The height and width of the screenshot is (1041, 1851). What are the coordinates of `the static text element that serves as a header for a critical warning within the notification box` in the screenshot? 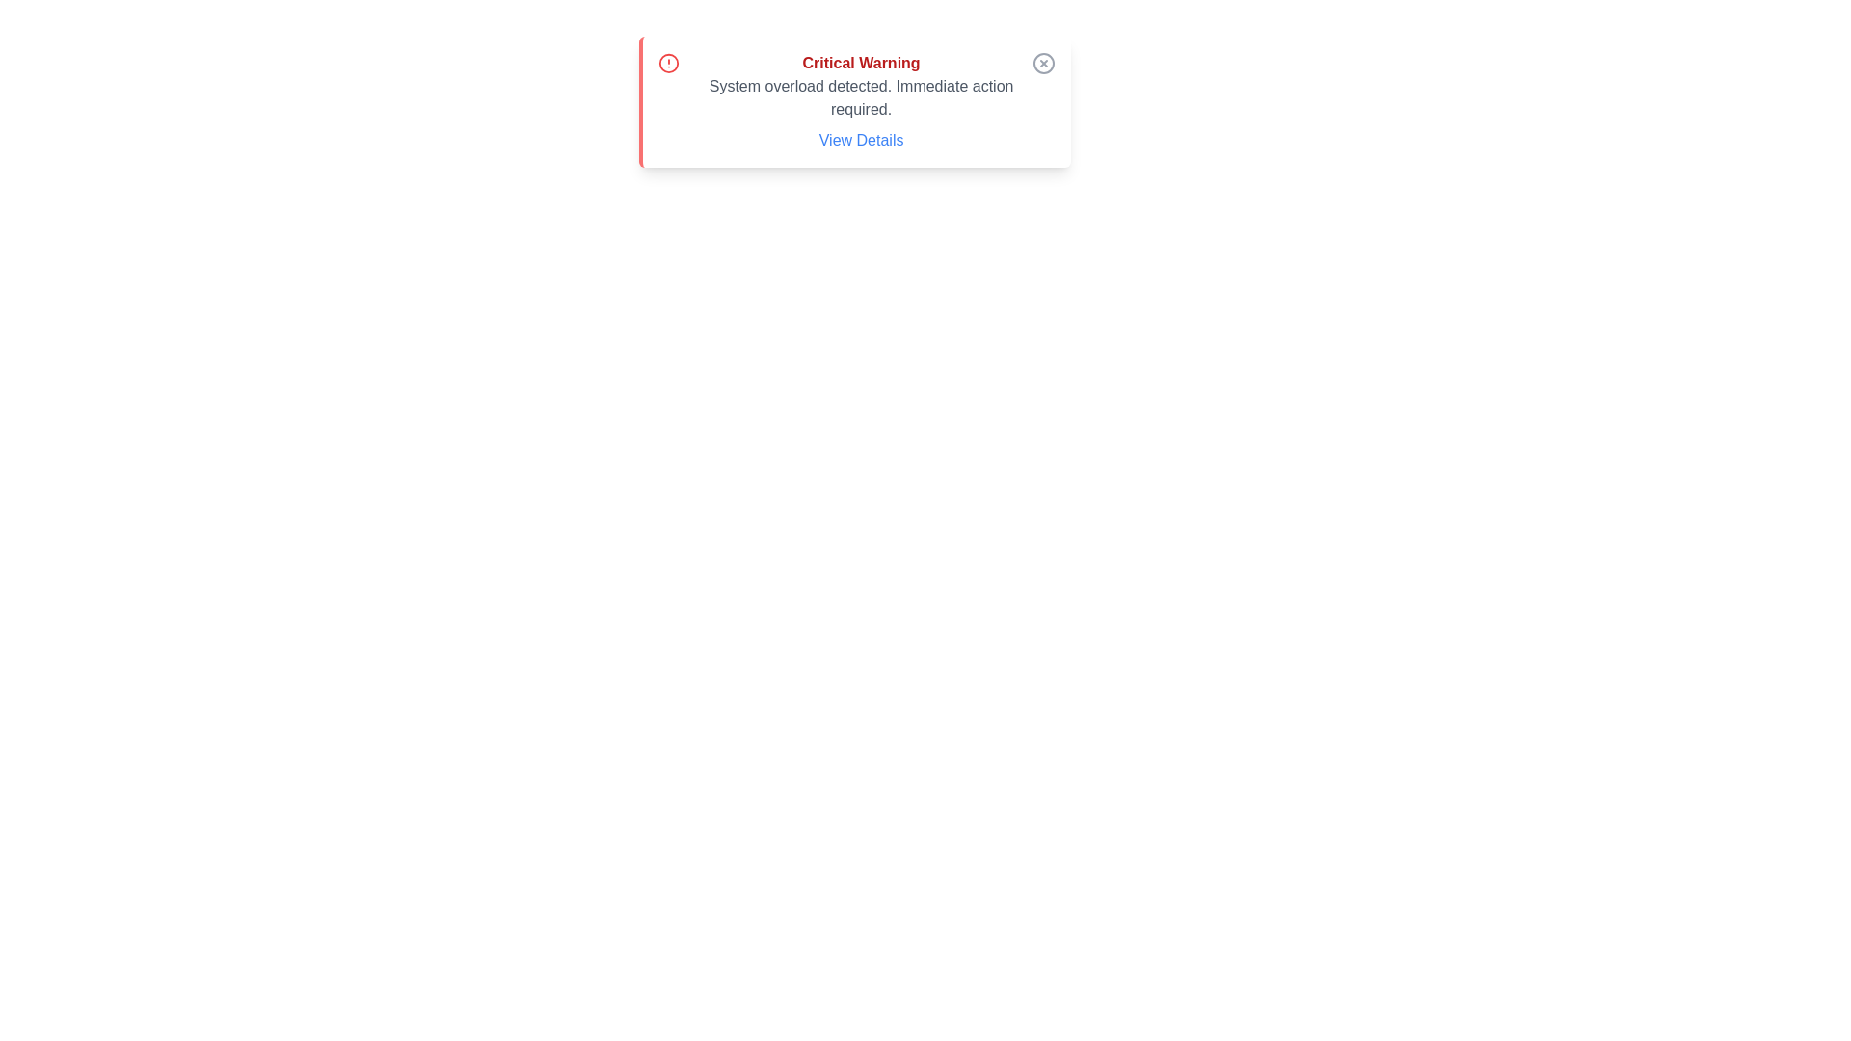 It's located at (860, 62).